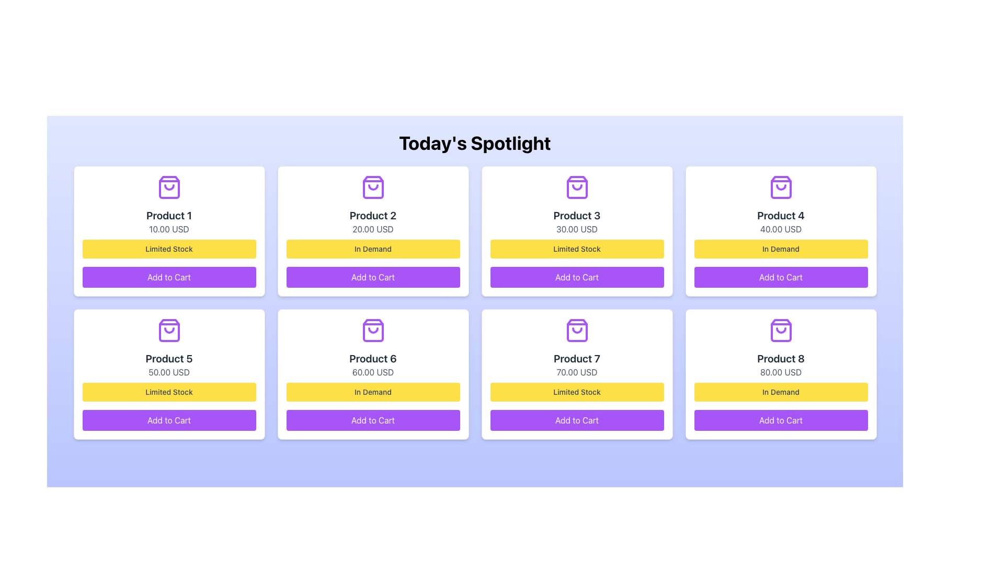  Describe the element at coordinates (169, 277) in the screenshot. I see `the 'Add to Cart' button located at the bottom of the 'Product 1' card, below the 'Limited Stock' badge, to initiate the add-to-cart action` at that location.